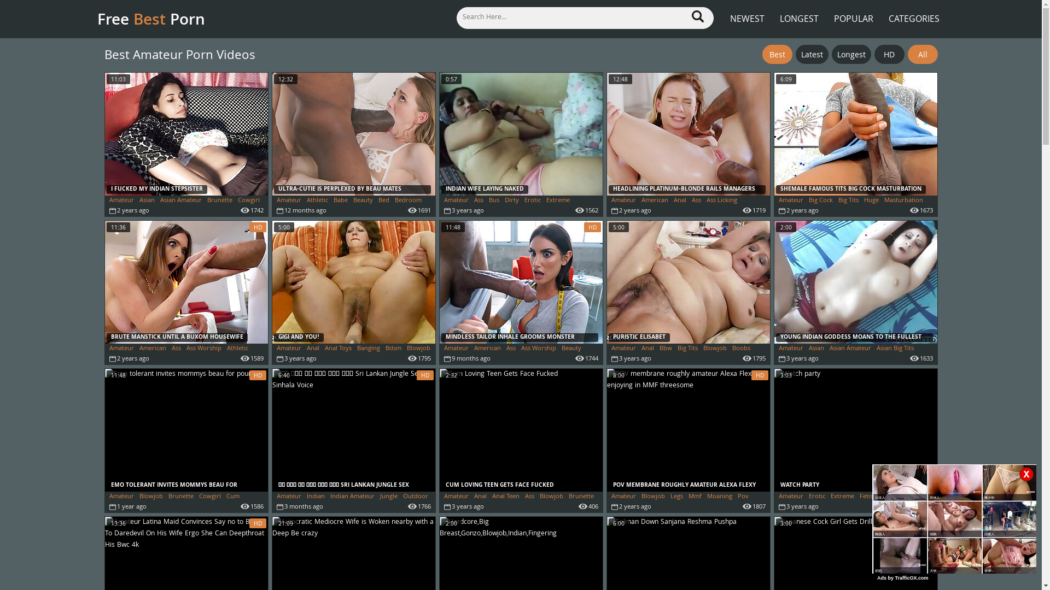 The image size is (1050, 590). I want to click on 'Amateur', so click(276, 349).